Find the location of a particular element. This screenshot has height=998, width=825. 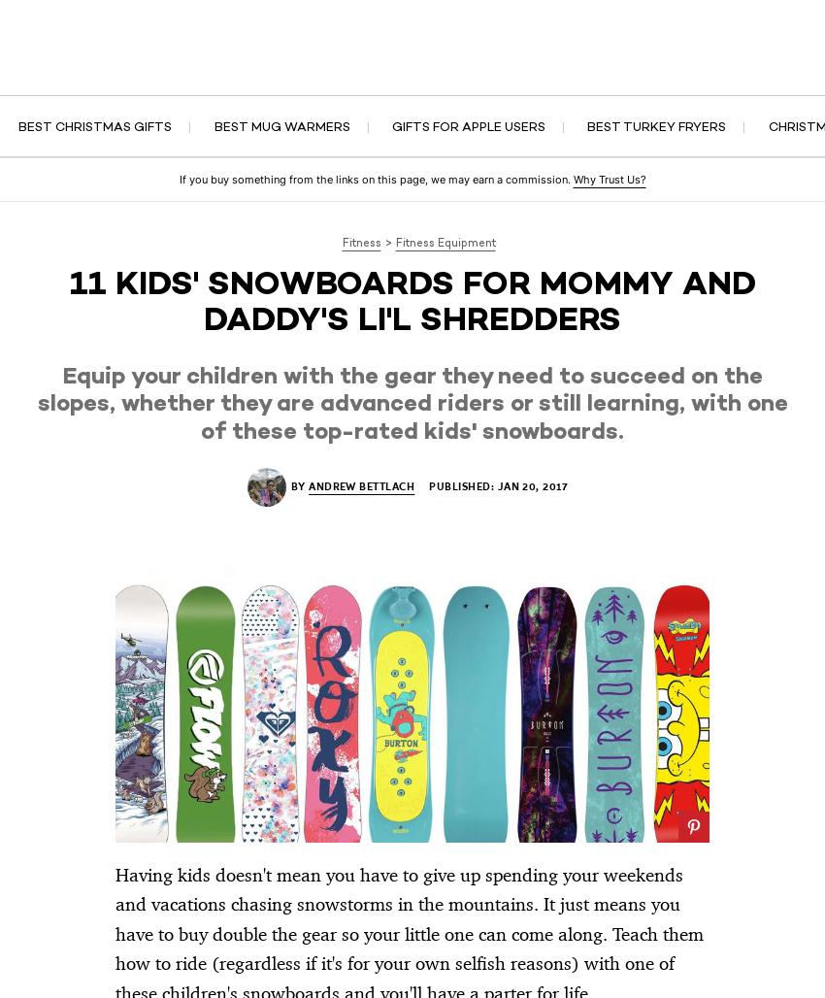

'Christmas' is located at coordinates (519, 68).